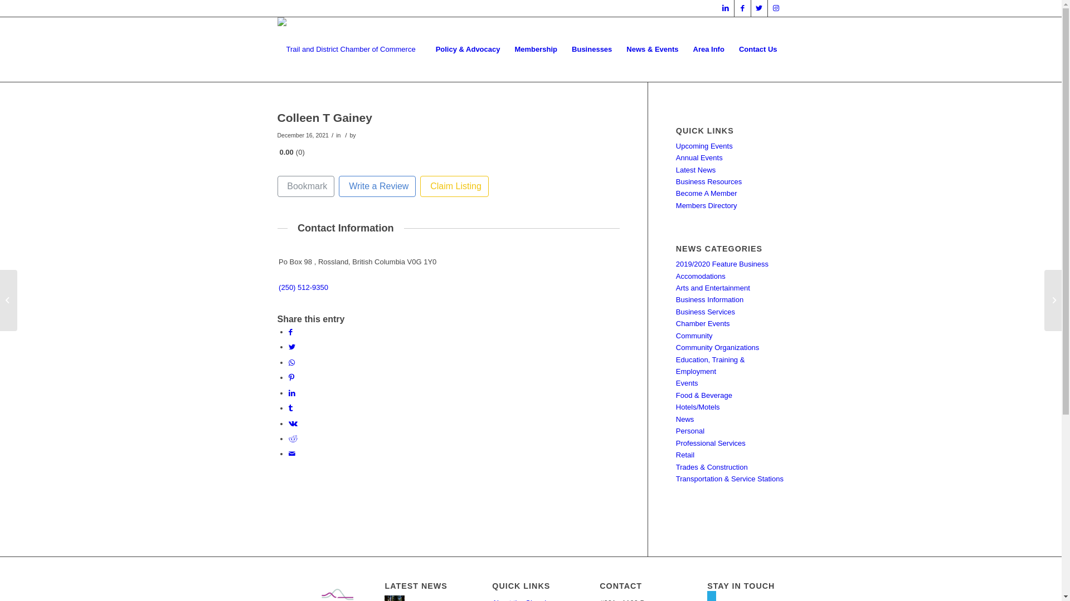 The image size is (1070, 601). I want to click on 'Professional Services', so click(710, 442).